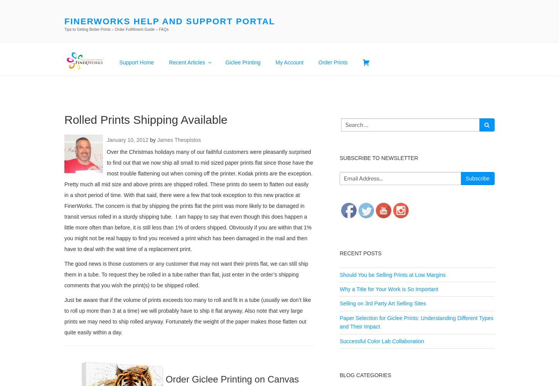 The height and width of the screenshot is (386, 559). I want to click on 'January 10, 2012', so click(128, 139).